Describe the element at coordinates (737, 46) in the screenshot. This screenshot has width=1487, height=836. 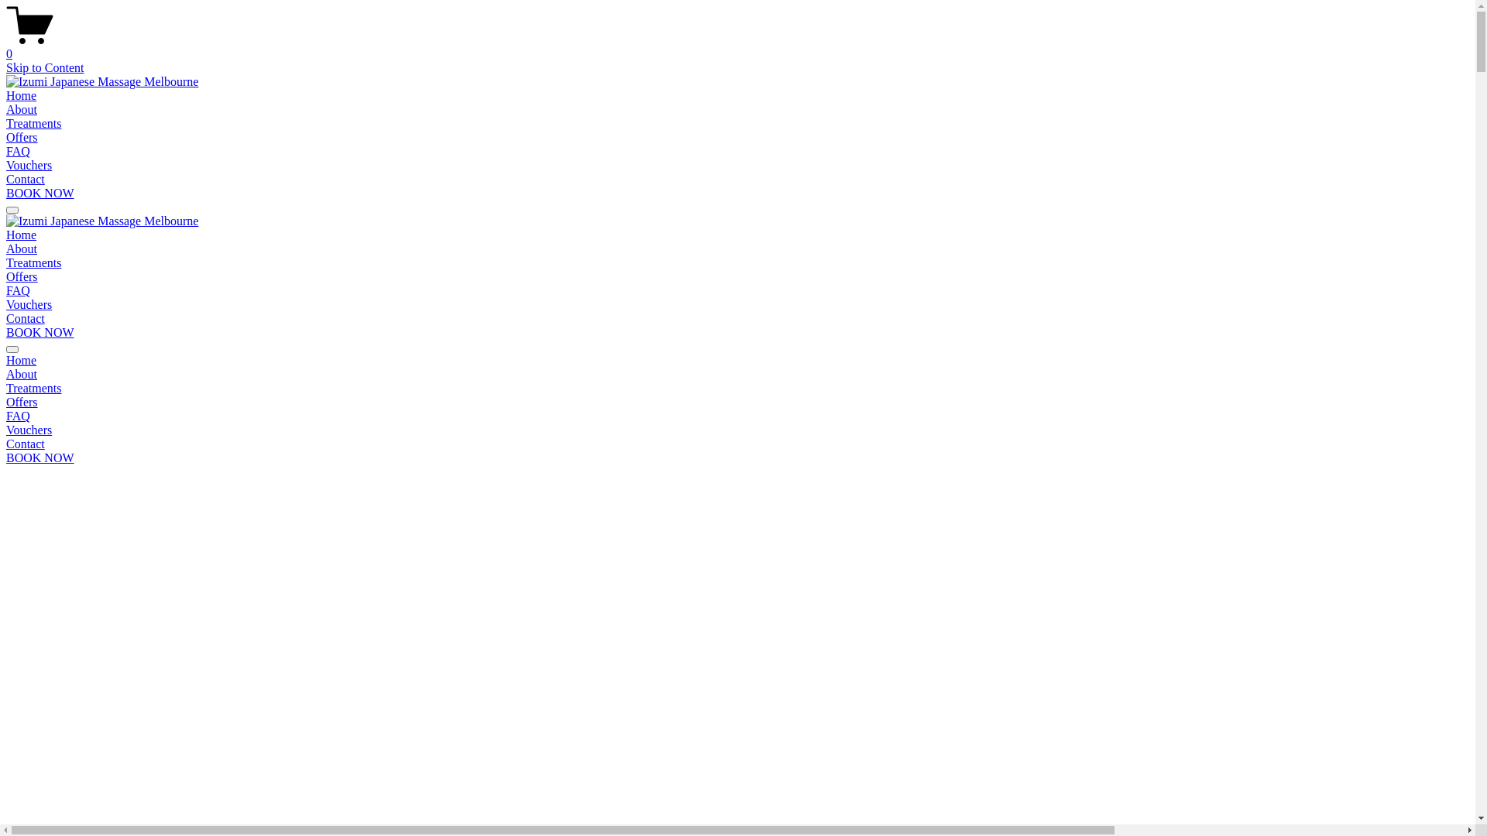
I see `'0'` at that location.